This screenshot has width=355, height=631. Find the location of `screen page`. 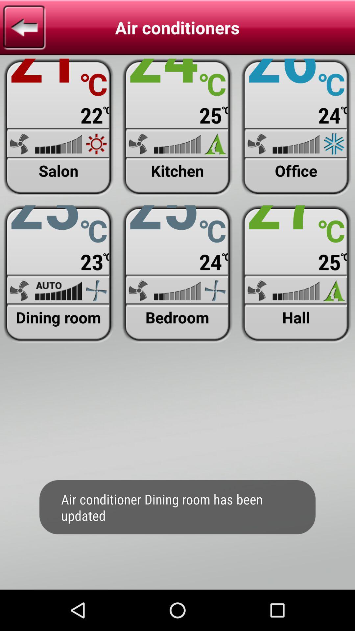

screen page is located at coordinates (58, 274).